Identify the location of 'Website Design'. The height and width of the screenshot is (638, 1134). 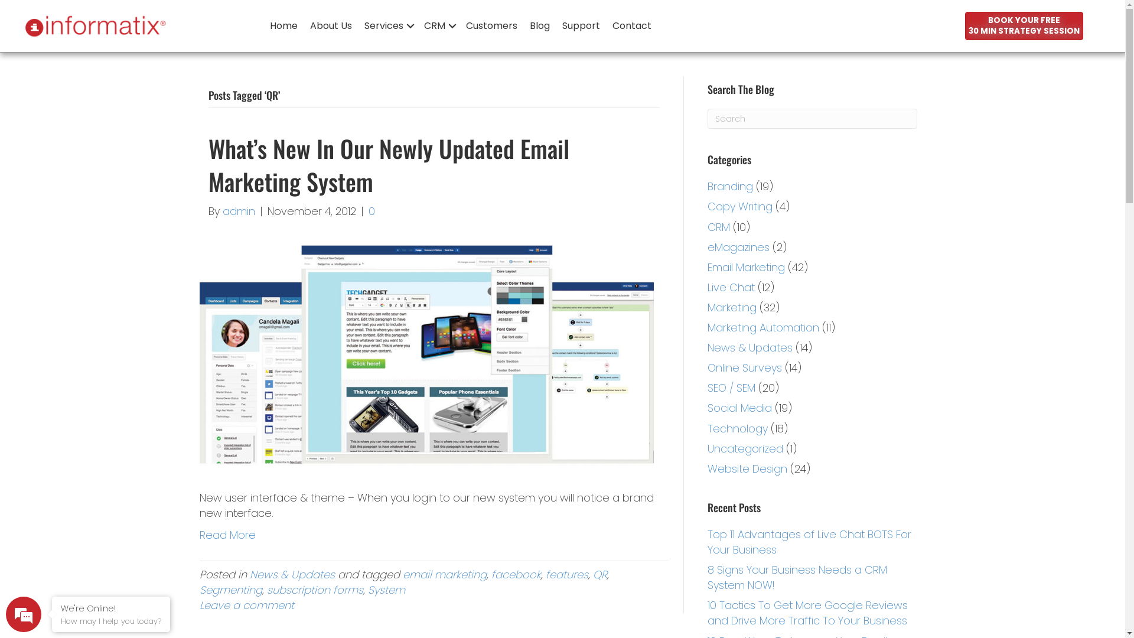
(747, 468).